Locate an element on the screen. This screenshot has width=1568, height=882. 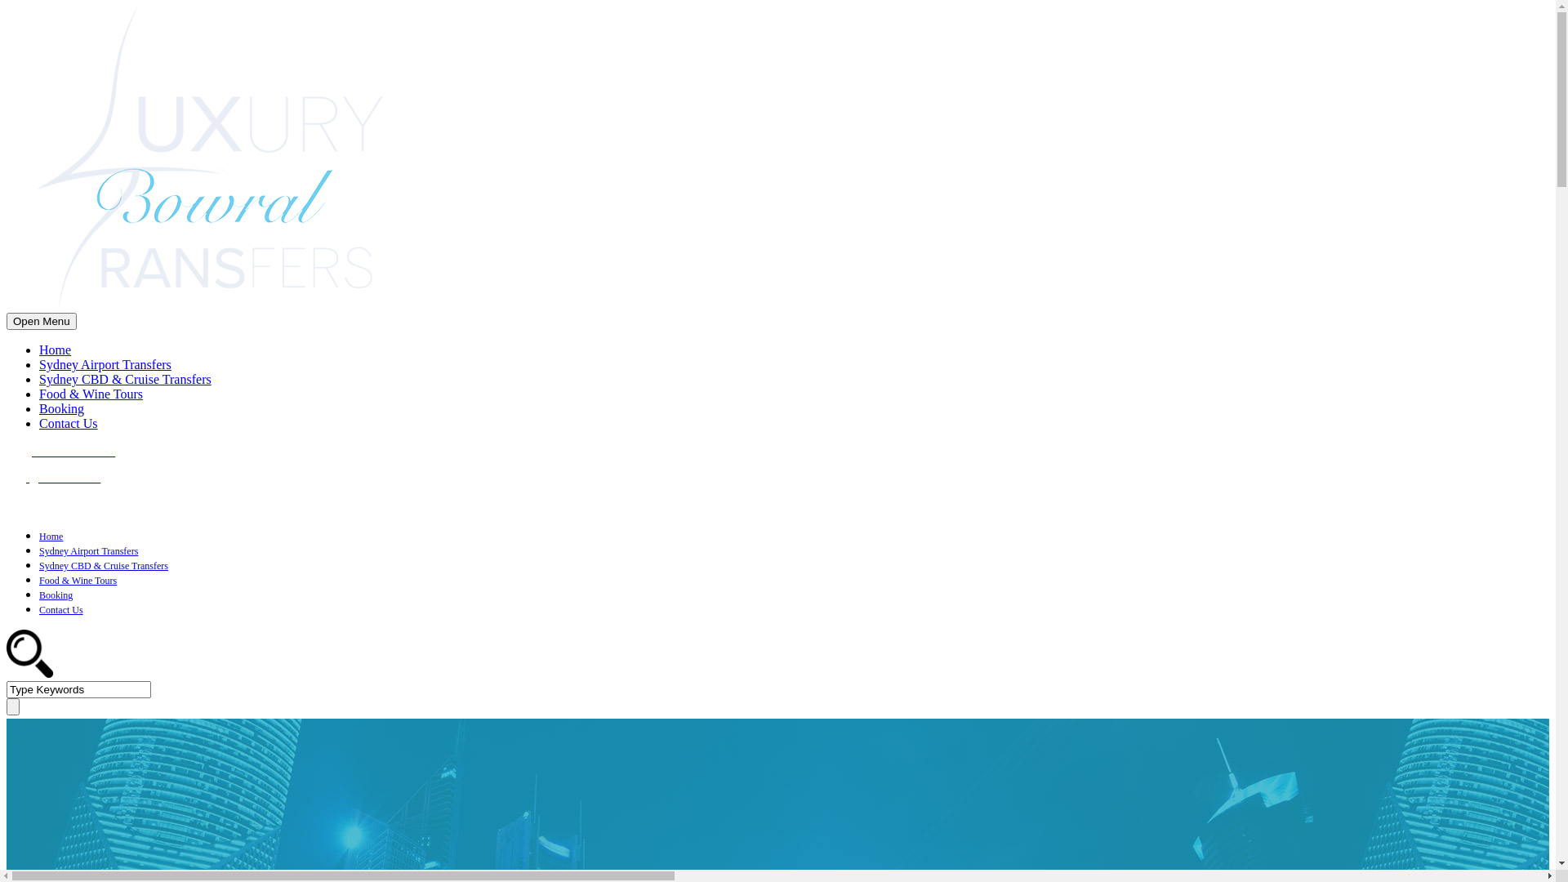
'Open Menu' is located at coordinates (7, 321).